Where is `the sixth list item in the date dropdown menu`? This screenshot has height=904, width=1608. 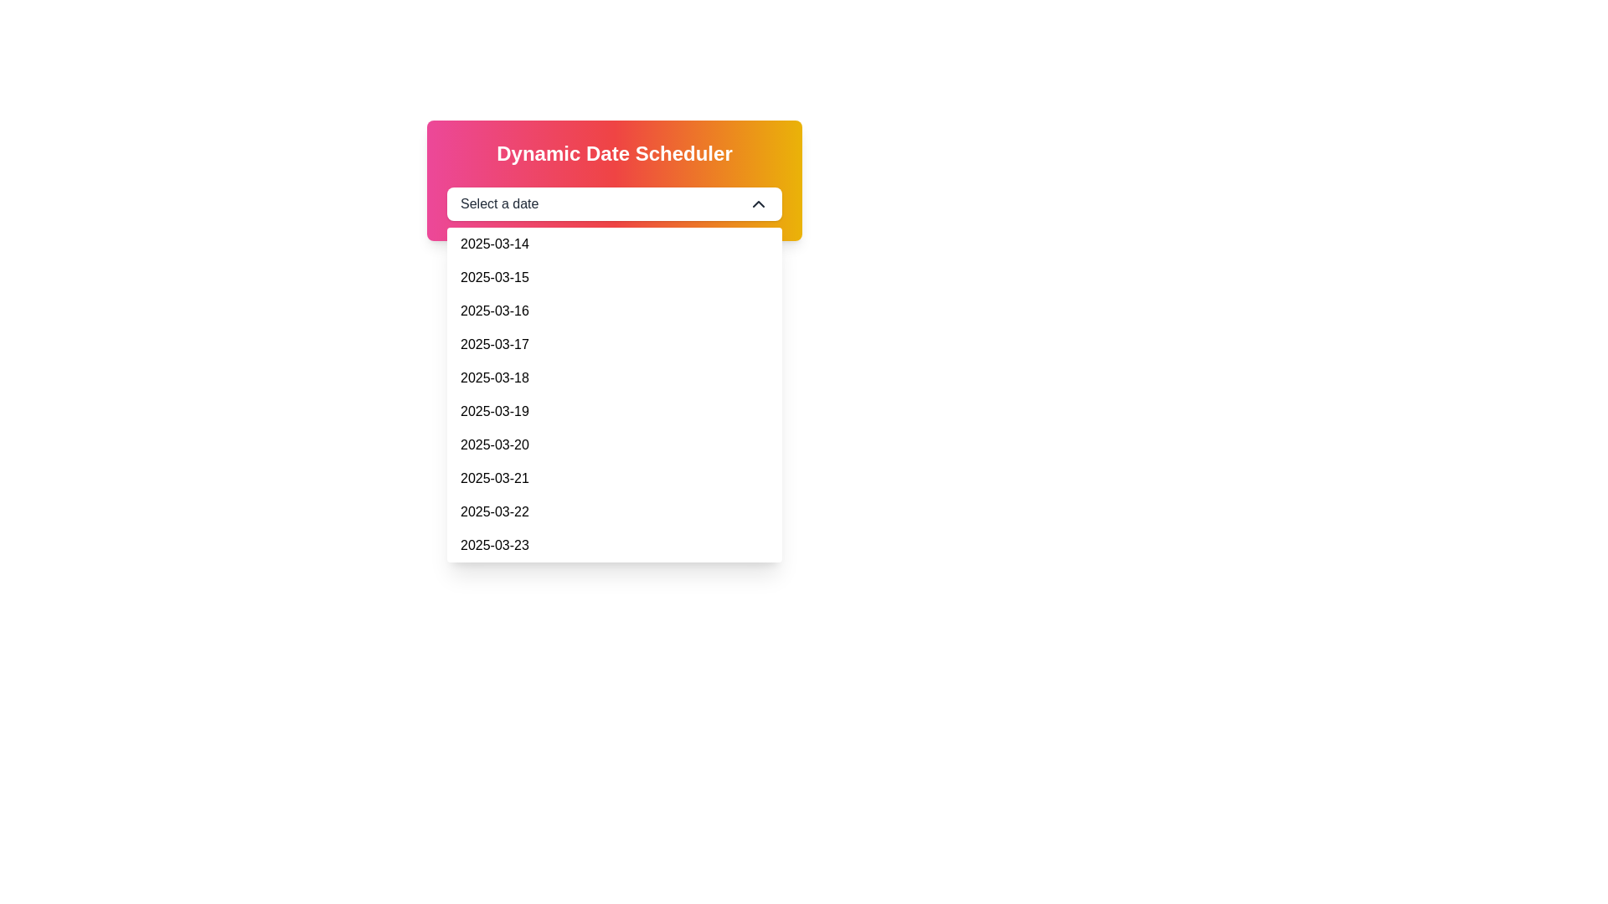
the sixth list item in the date dropdown menu is located at coordinates (614, 412).